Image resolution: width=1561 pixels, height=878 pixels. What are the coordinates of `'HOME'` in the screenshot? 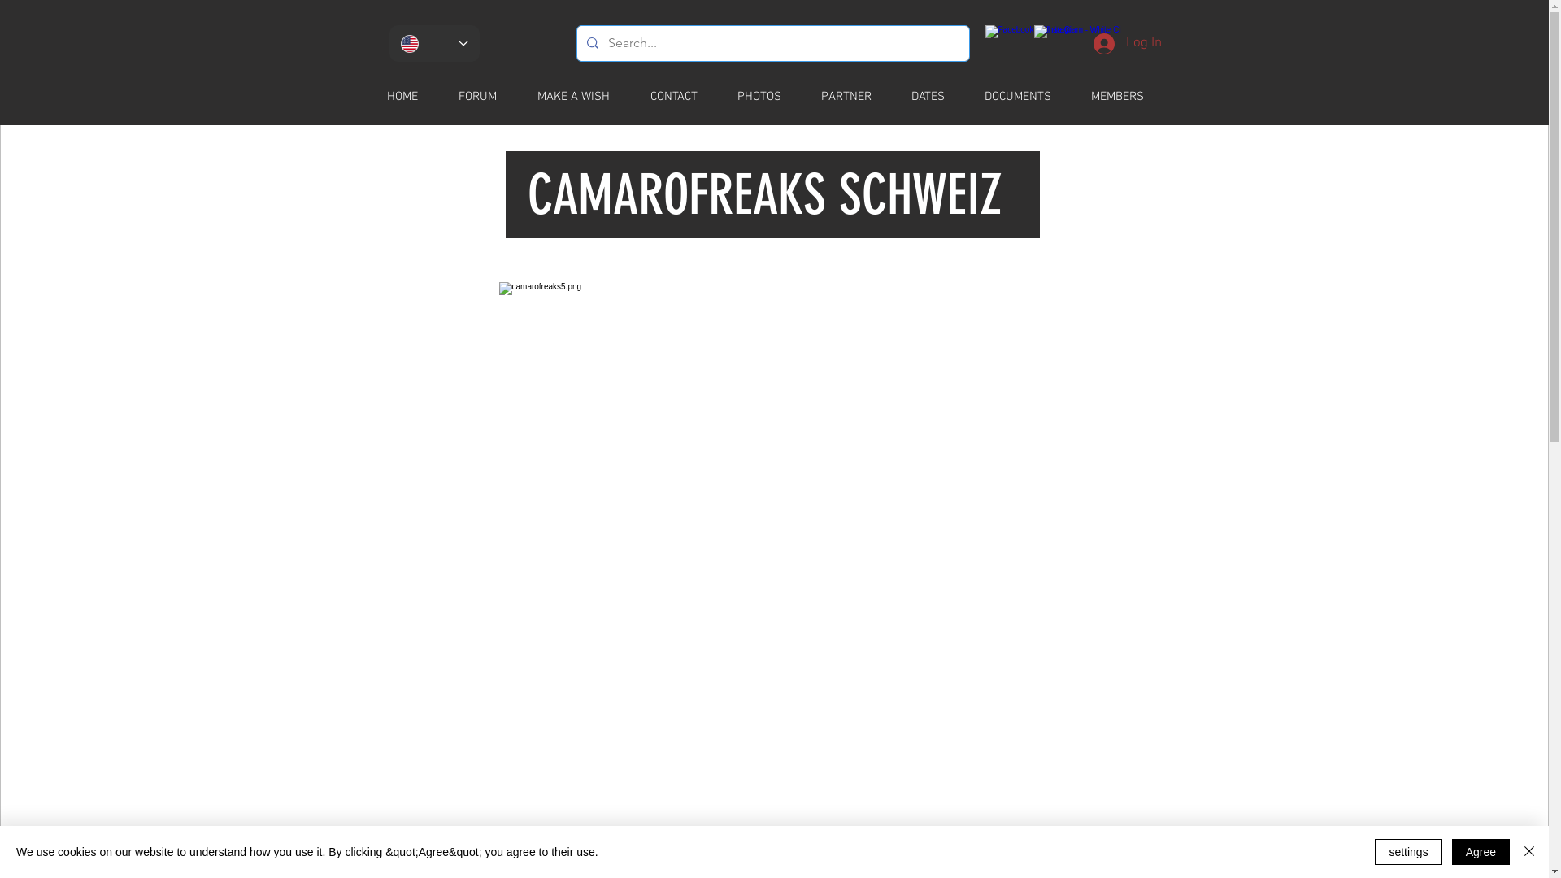 It's located at (411, 97).